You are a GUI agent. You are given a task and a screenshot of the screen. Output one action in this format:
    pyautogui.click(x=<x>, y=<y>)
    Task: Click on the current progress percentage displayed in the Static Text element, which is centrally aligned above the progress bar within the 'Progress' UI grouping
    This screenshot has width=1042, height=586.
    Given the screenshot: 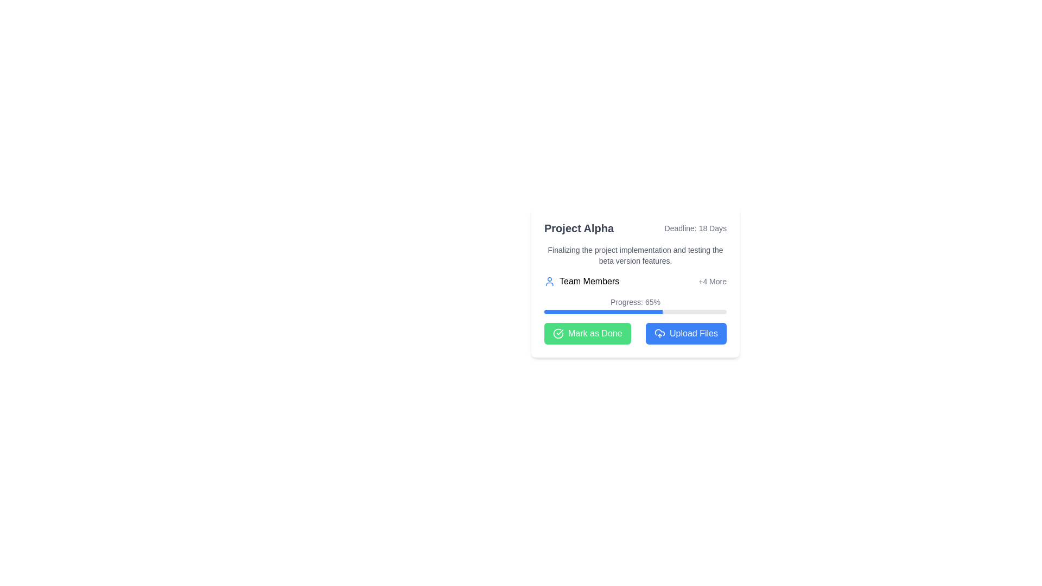 What is the action you would take?
    pyautogui.click(x=636, y=302)
    